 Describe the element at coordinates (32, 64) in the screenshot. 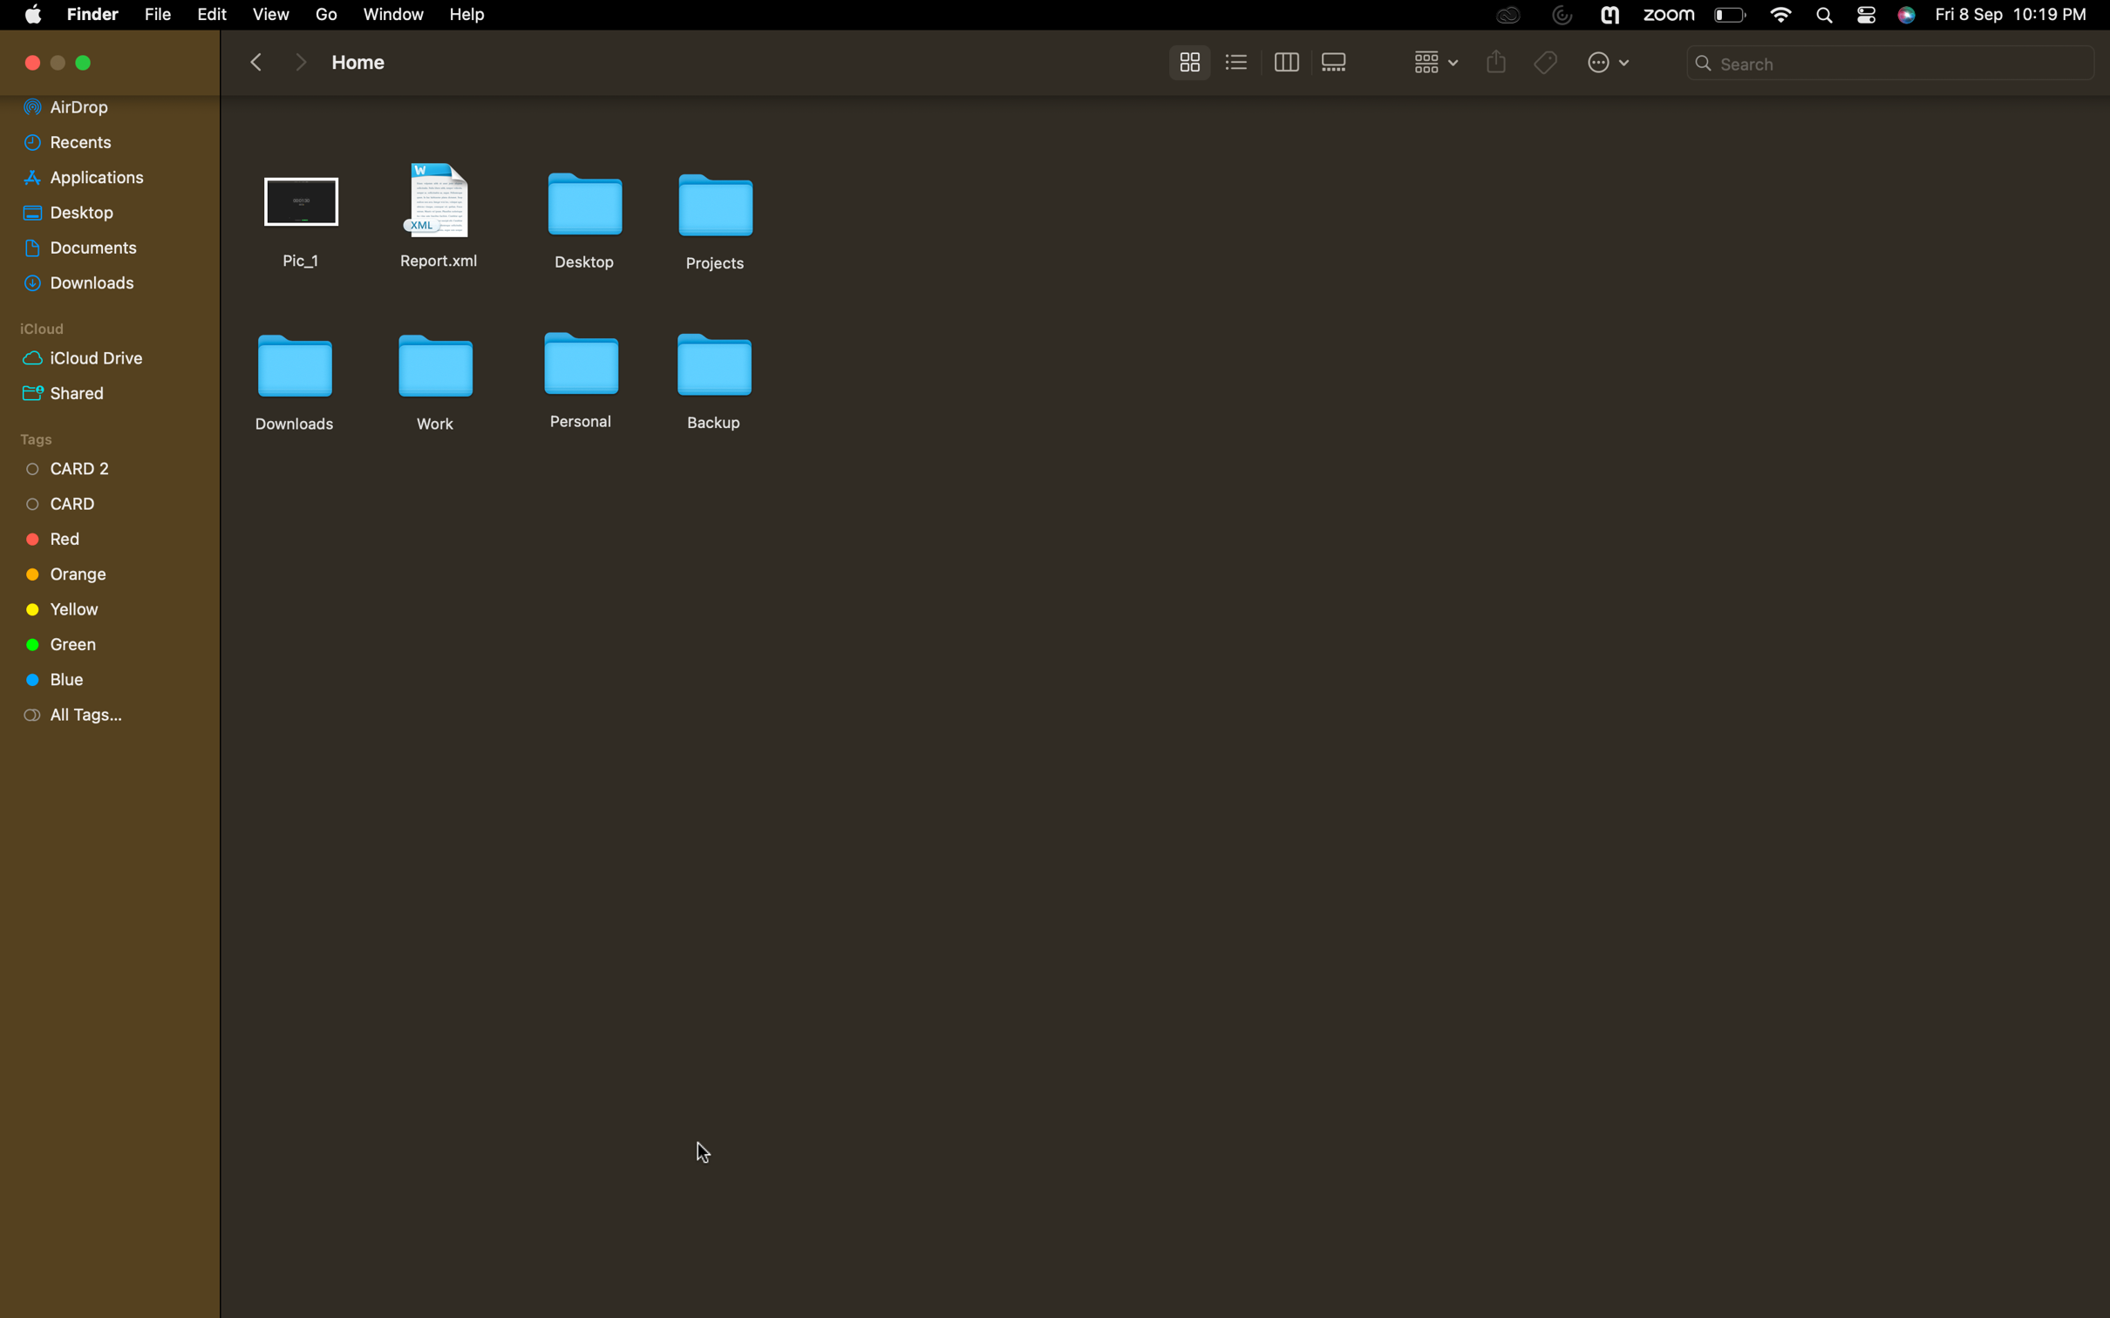

I see `Discontinue working on the current tab` at that location.